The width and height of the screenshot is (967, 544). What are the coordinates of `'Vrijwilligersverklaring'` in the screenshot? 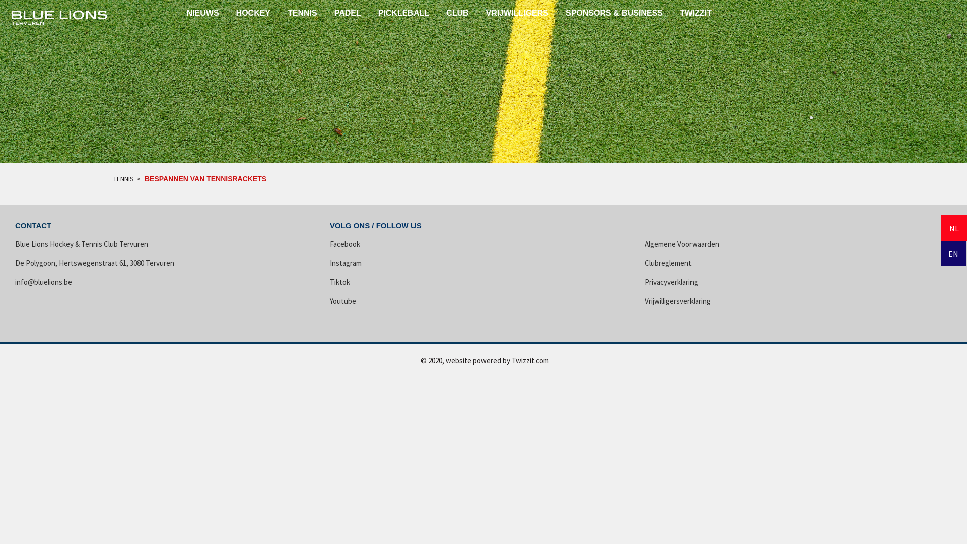 It's located at (645, 300).